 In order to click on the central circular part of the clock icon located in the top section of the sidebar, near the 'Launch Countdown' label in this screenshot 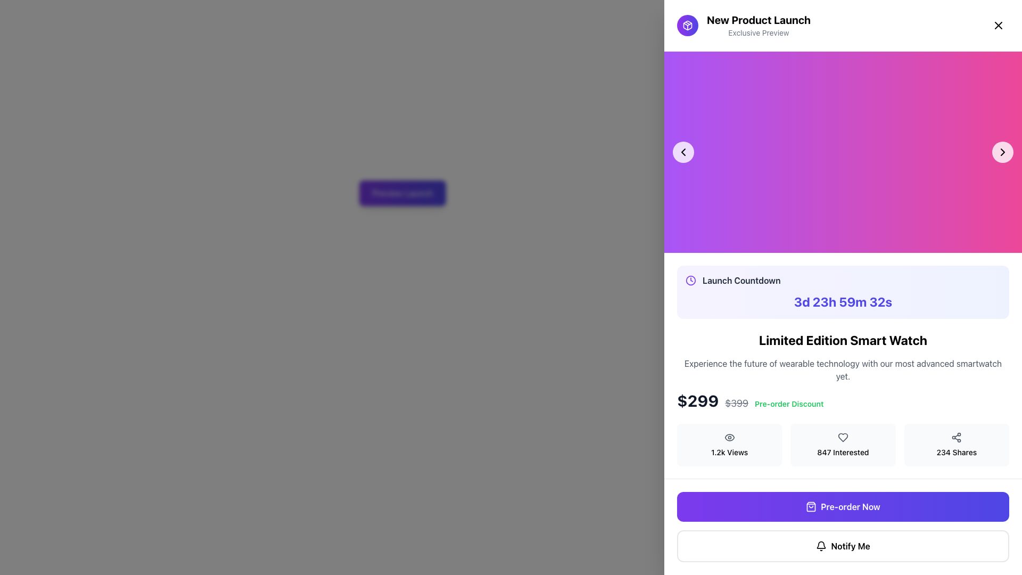, I will do `click(690, 280)`.